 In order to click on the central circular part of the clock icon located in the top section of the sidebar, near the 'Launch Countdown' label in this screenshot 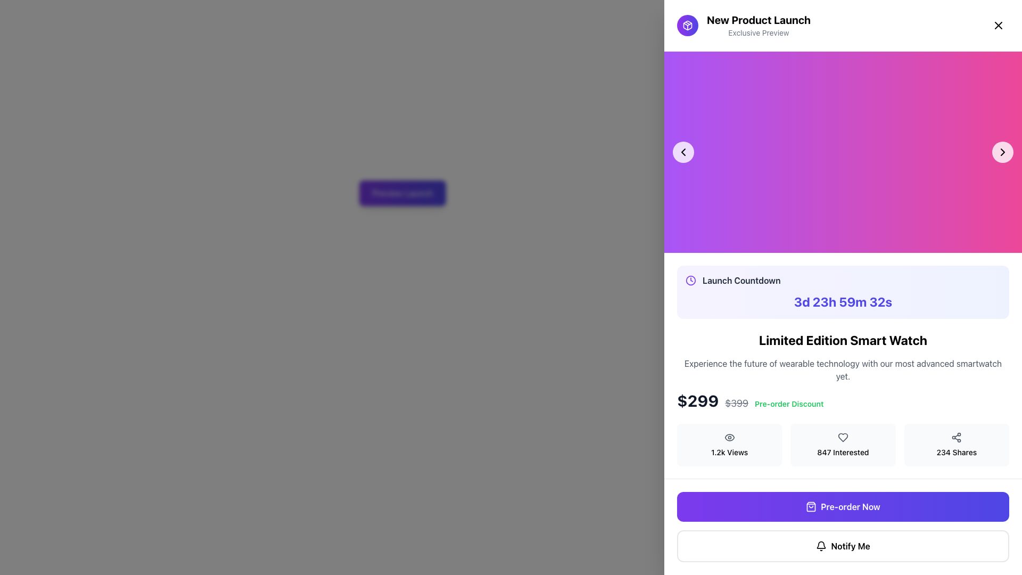, I will do `click(690, 280)`.